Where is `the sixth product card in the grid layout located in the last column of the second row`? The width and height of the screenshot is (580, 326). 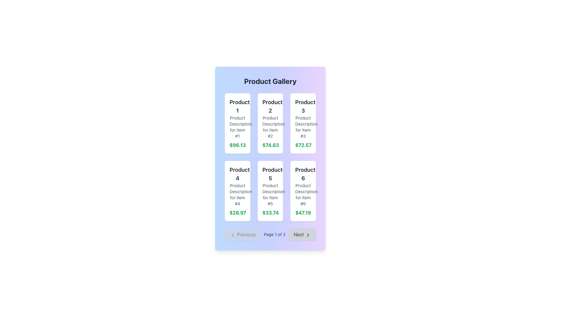
the sixth product card in the grid layout located in the last column of the second row is located at coordinates (303, 191).